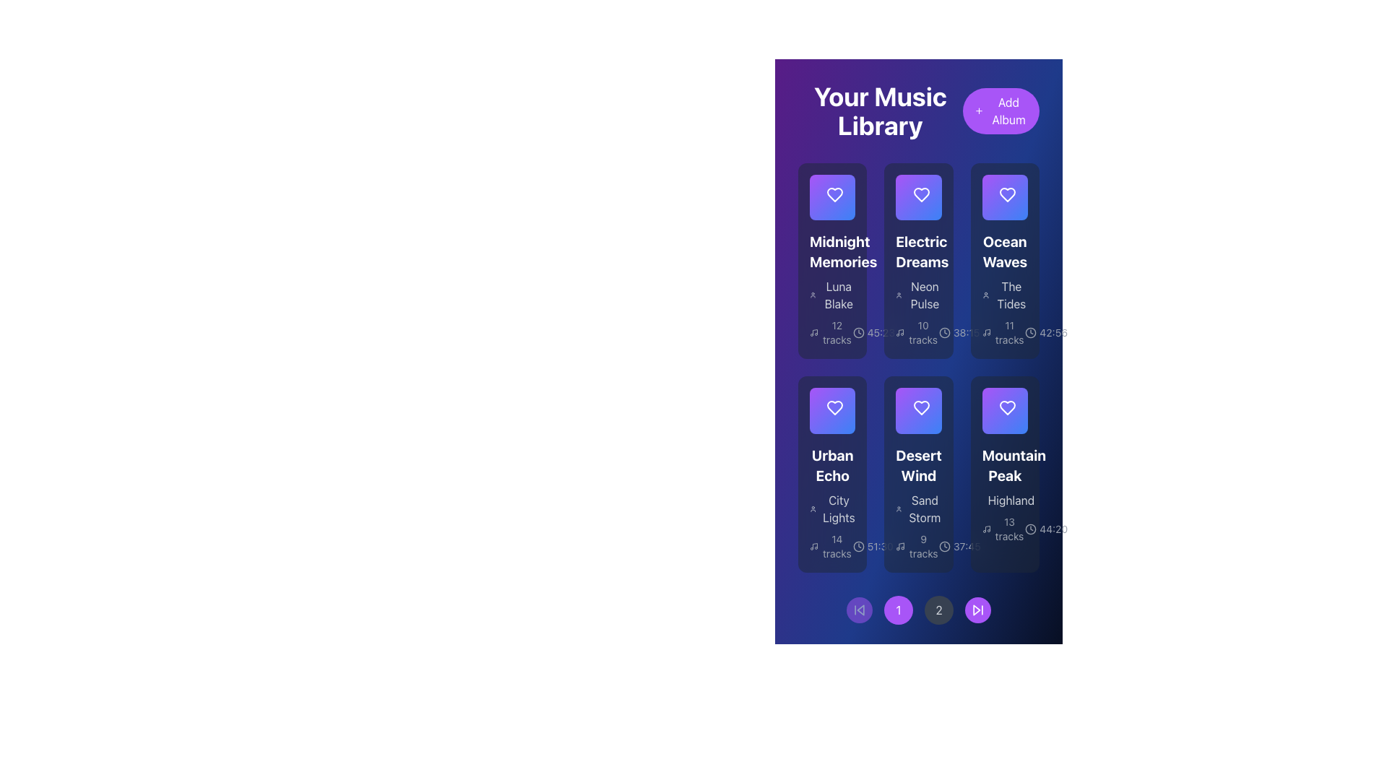 The height and width of the screenshot is (780, 1387). Describe the element at coordinates (835, 410) in the screenshot. I see `the favorite mark button (heart symbol) located at the top-right corner of the 'Urban Echo' album card` at that location.